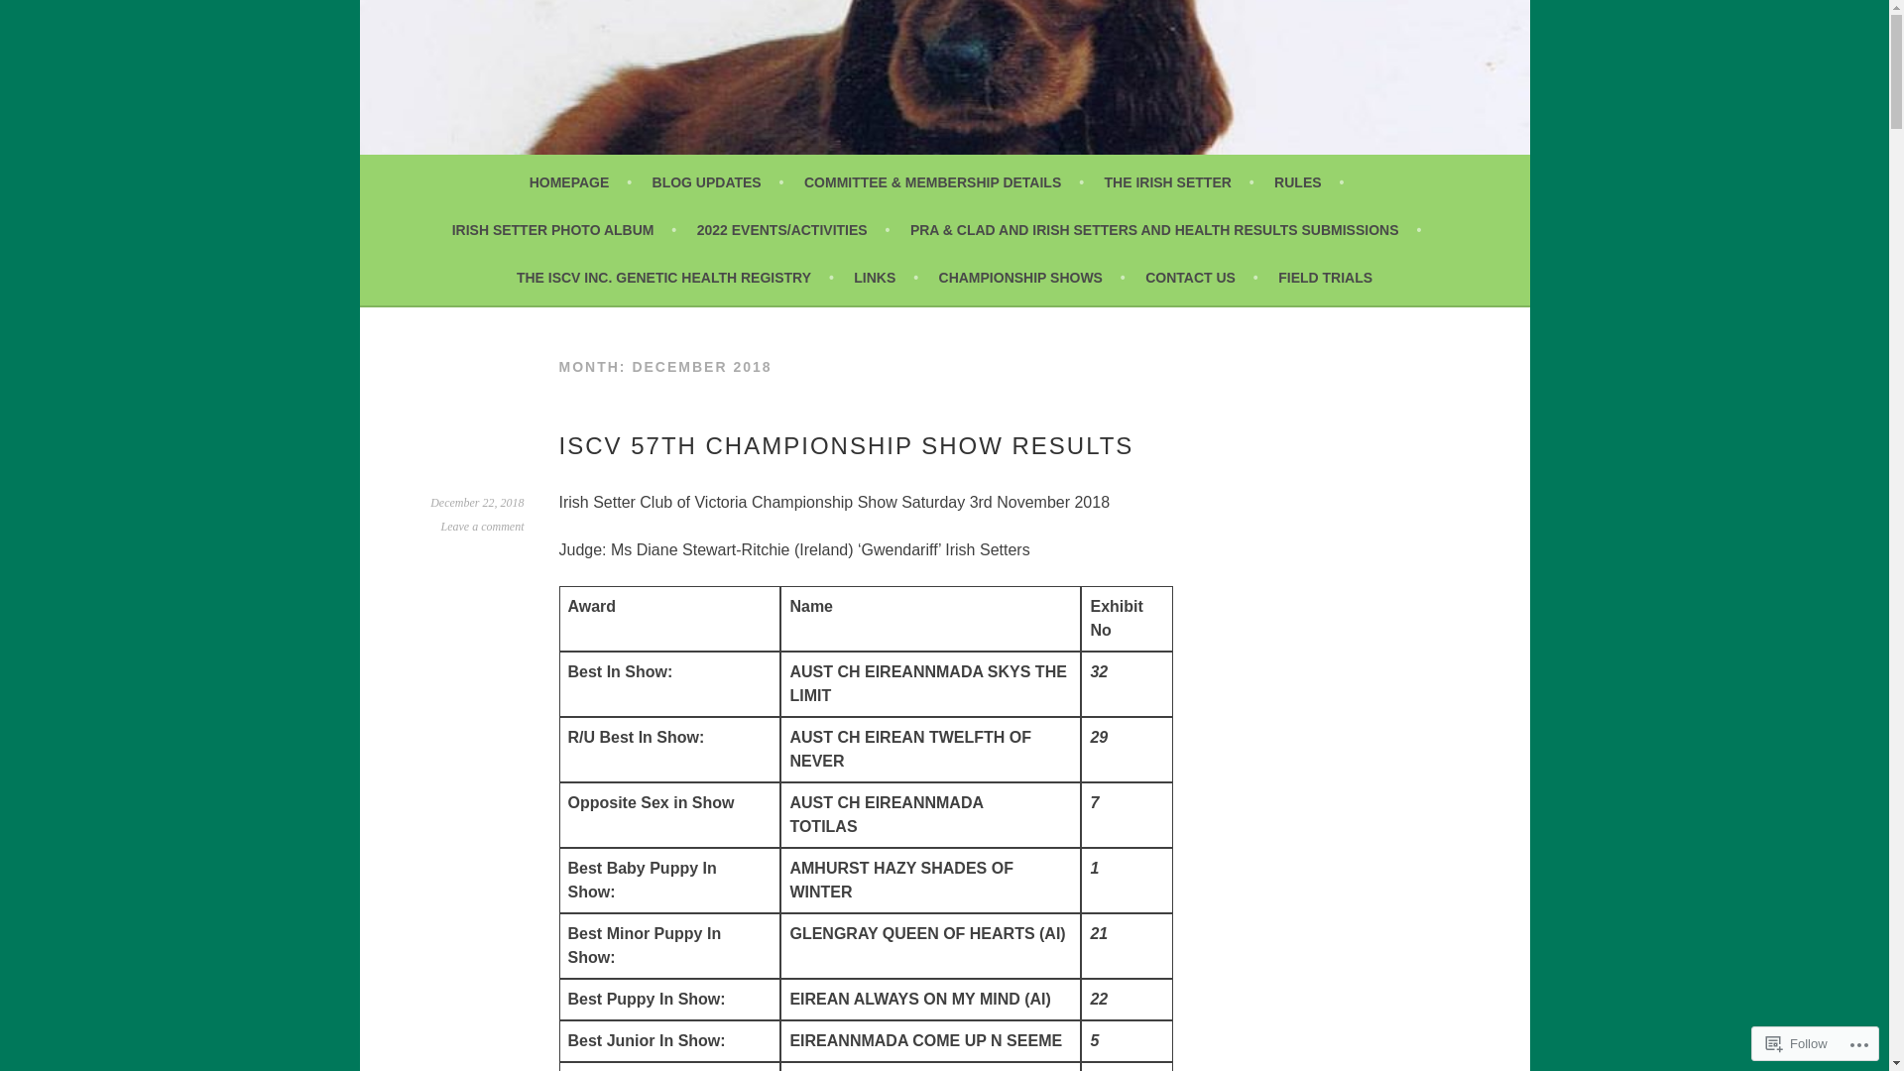 The width and height of the screenshot is (1904, 1071). What do you see at coordinates (696, 228) in the screenshot?
I see `'2022 EVENTS/ACTIVITIES'` at bounding box center [696, 228].